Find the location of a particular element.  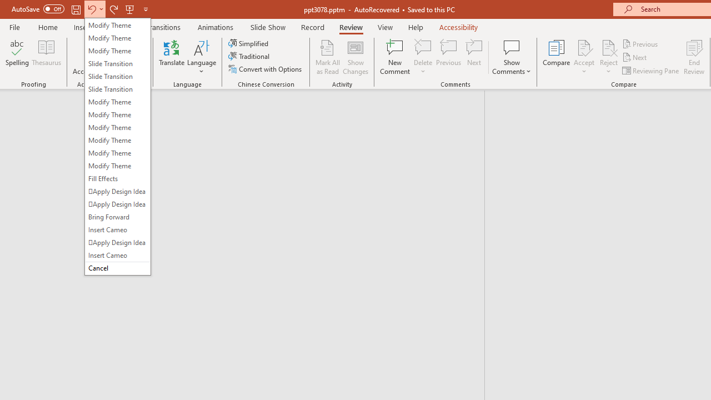

'Delete' is located at coordinates (423, 47).